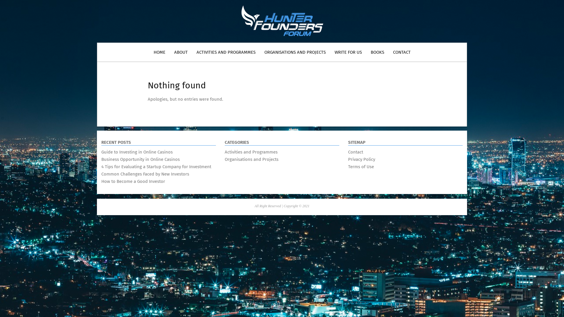 The width and height of the screenshot is (564, 317). Describe the element at coordinates (101, 159) in the screenshot. I see `'Business Opportunity in Online Casinos'` at that location.